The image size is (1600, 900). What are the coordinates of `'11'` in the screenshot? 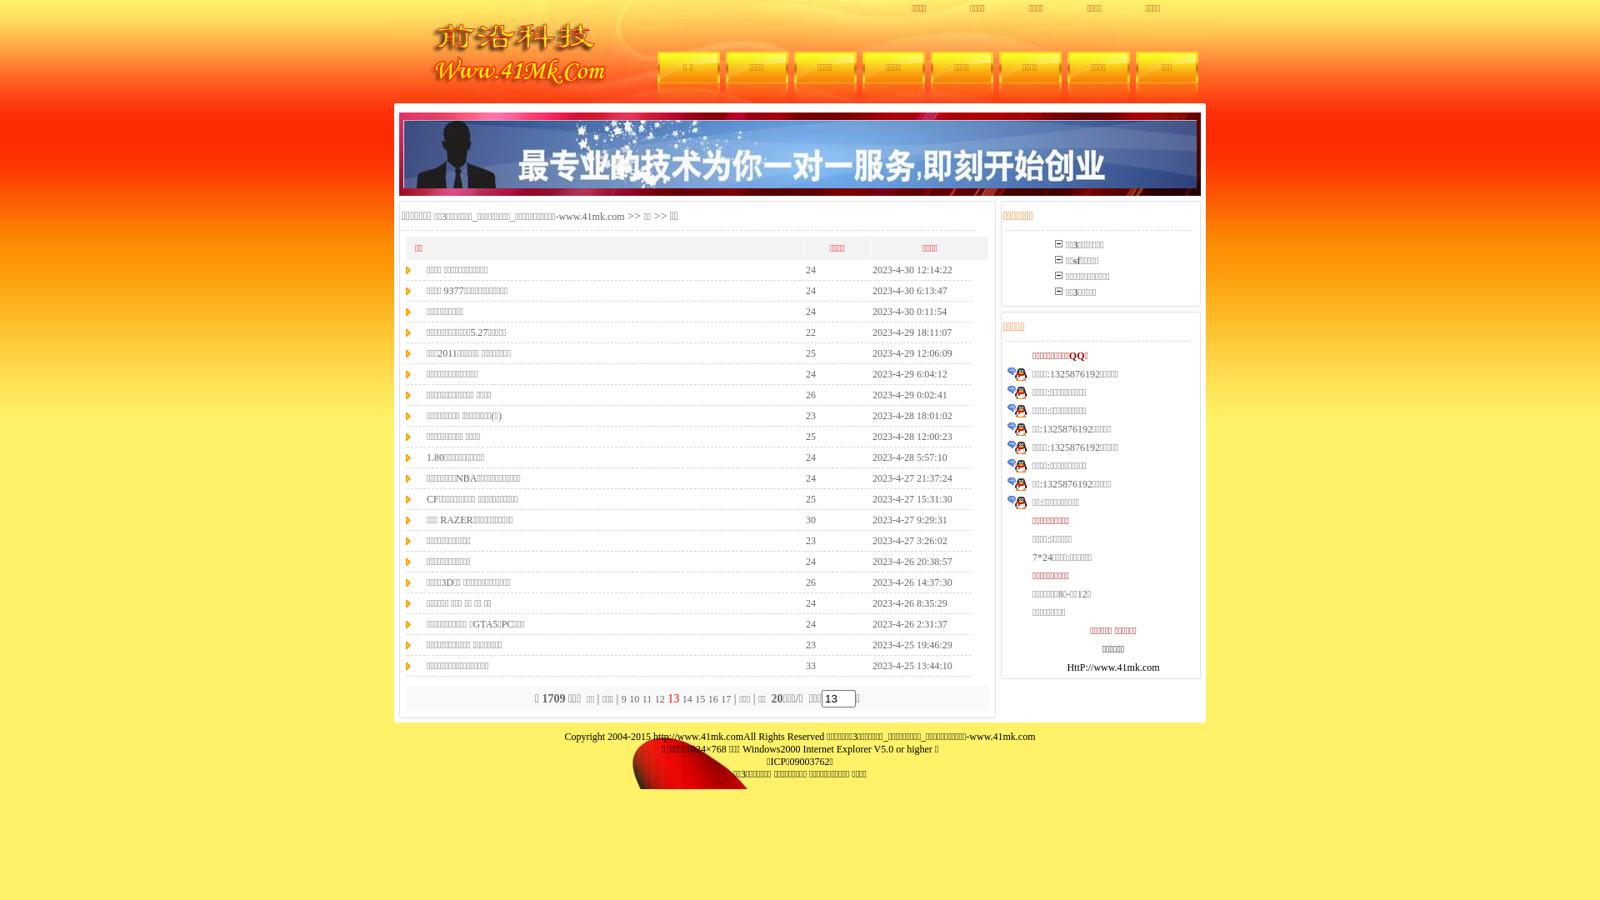 It's located at (647, 699).